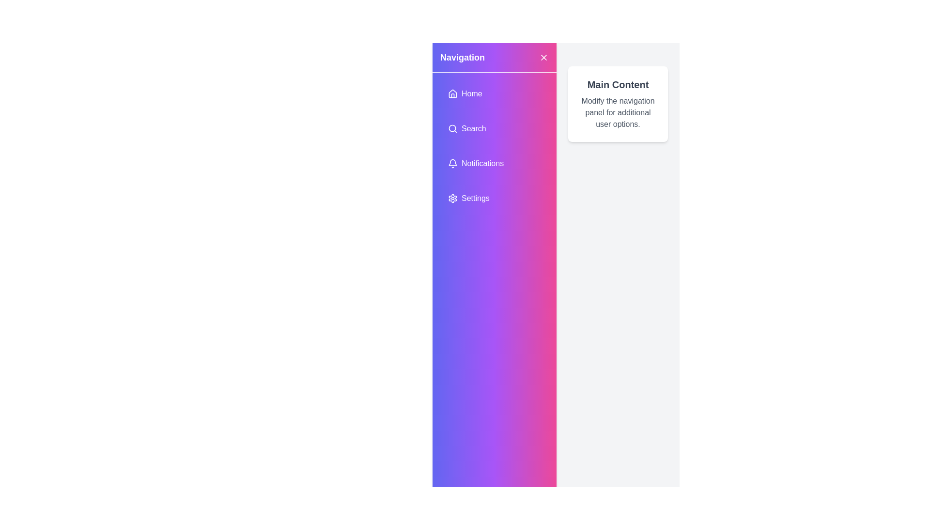  I want to click on the gear icon in the navigation menu that indicates settings, located at the bottom adjacent to the 'Settings' label, so click(452, 198).